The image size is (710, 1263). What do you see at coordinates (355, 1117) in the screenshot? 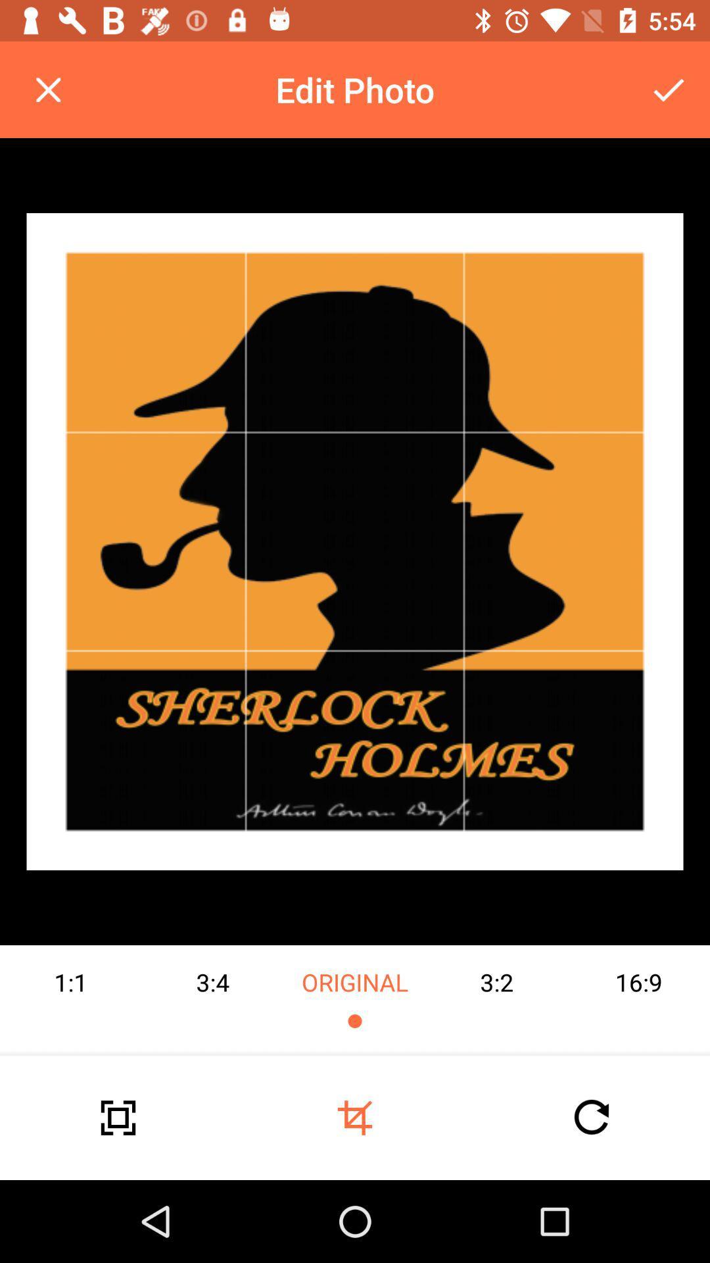
I see `the crop icon` at bounding box center [355, 1117].